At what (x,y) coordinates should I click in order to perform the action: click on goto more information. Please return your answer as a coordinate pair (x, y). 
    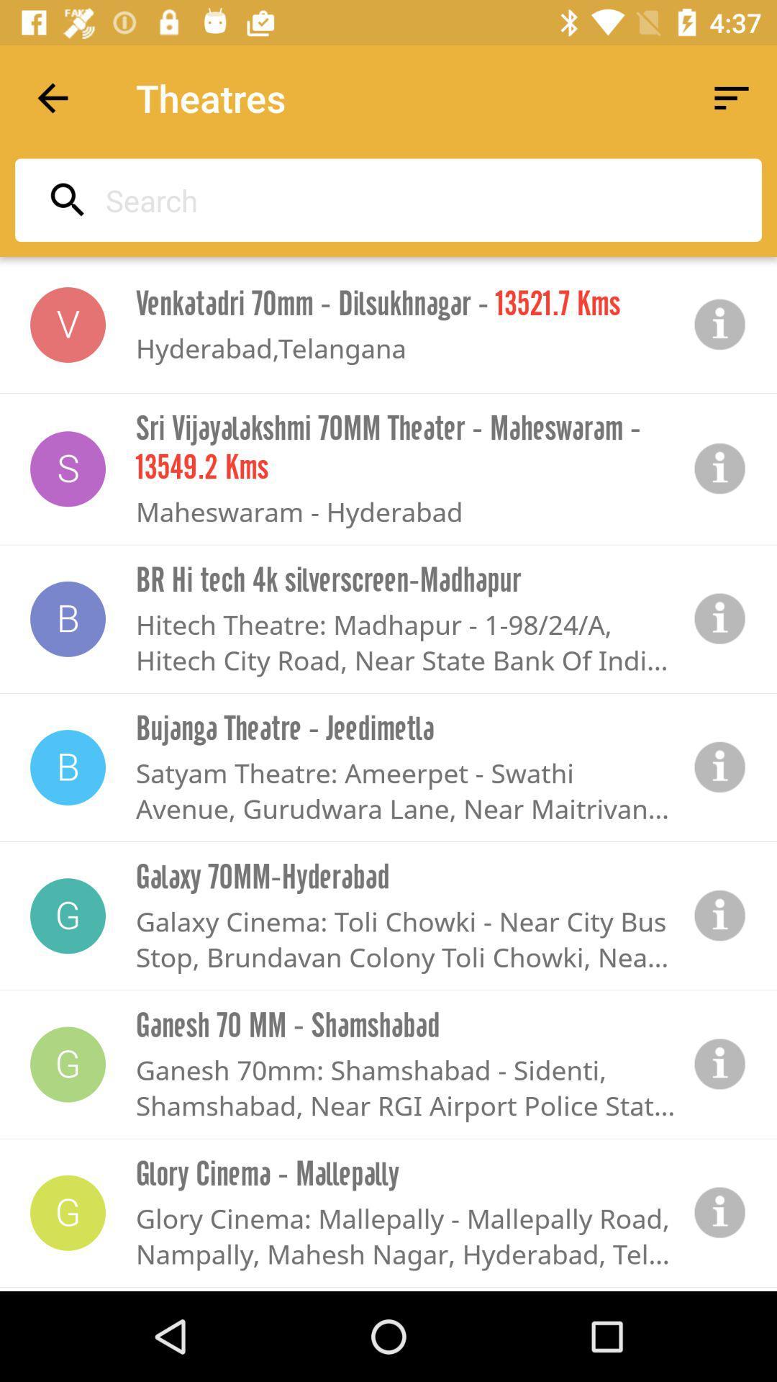
    Looking at the image, I should click on (720, 324).